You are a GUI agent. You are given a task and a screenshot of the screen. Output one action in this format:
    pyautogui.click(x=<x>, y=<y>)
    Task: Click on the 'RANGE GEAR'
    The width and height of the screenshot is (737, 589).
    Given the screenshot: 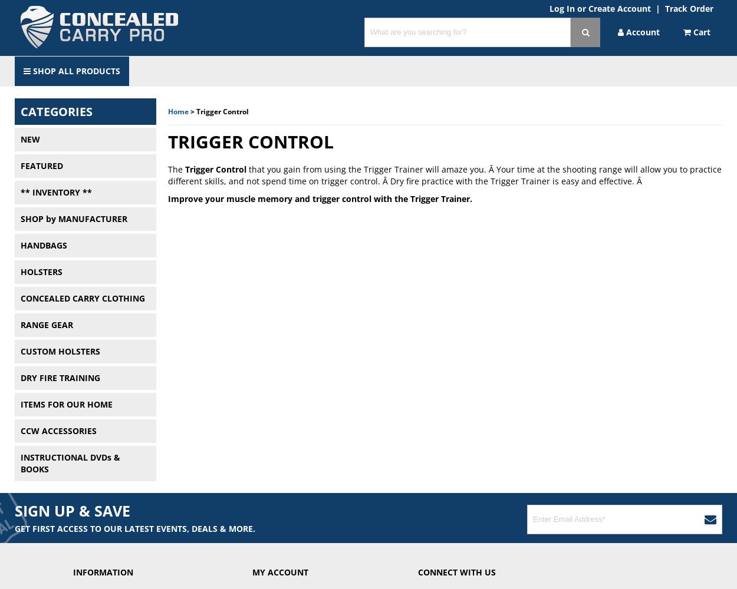 What is the action you would take?
    pyautogui.click(x=46, y=325)
    